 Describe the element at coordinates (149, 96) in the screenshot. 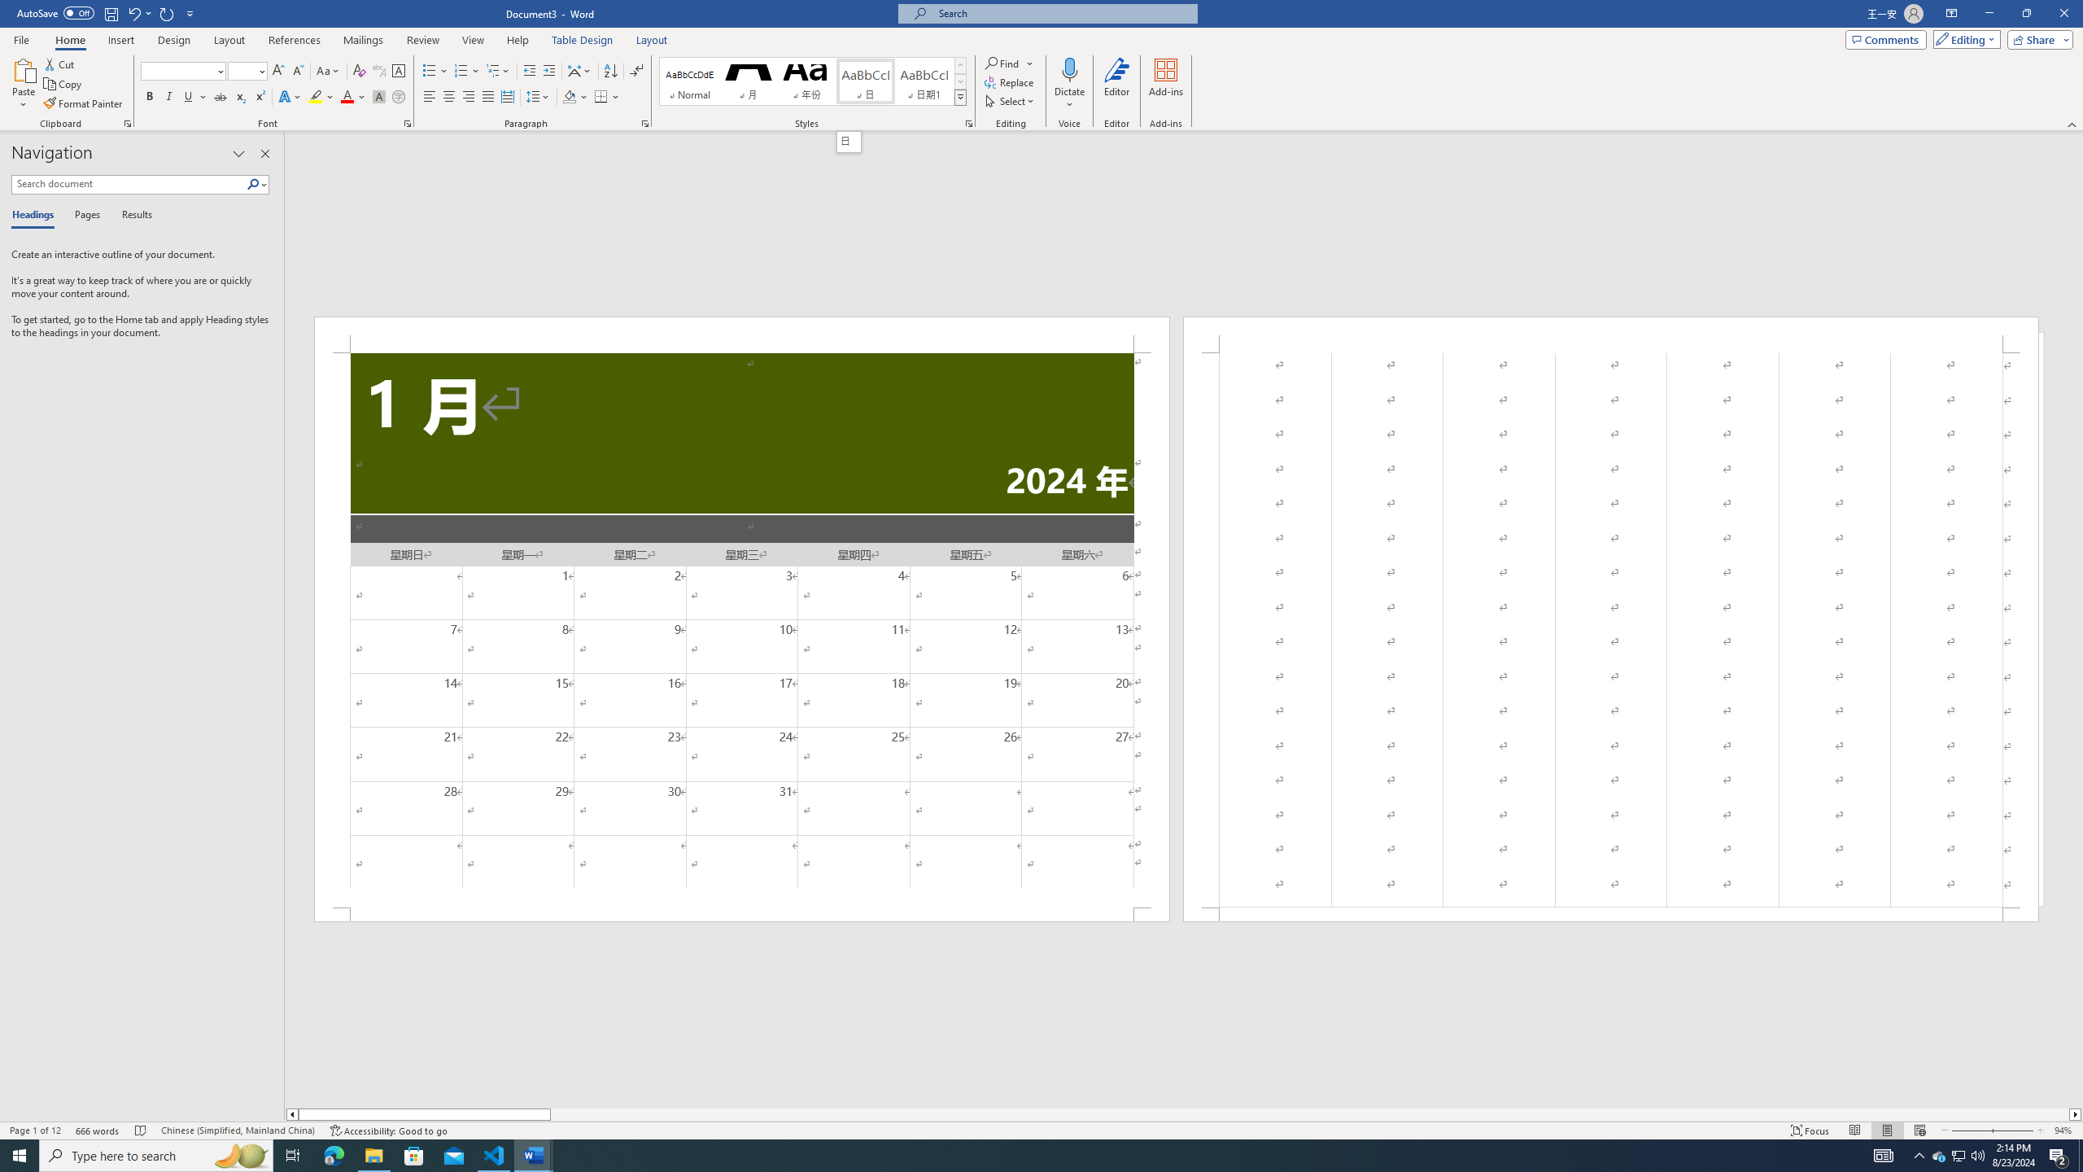

I see `'Bold'` at that location.